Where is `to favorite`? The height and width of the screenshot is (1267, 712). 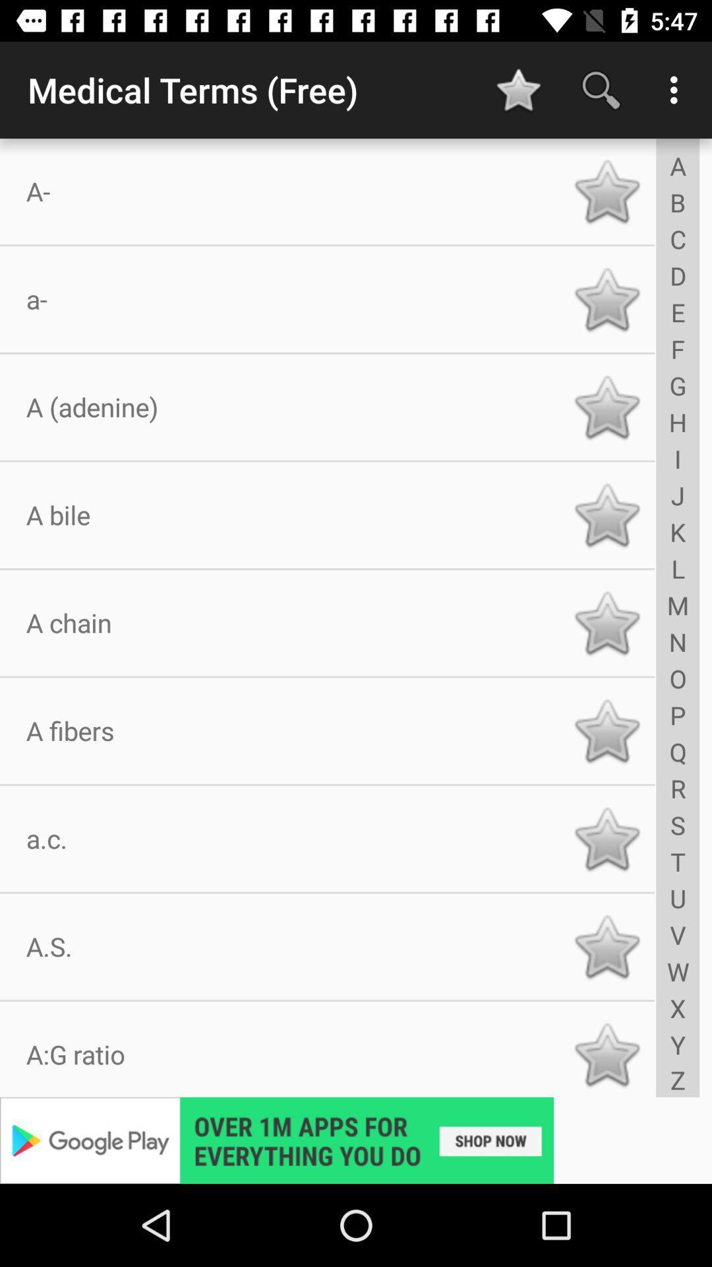
to favorite is located at coordinates (607, 838).